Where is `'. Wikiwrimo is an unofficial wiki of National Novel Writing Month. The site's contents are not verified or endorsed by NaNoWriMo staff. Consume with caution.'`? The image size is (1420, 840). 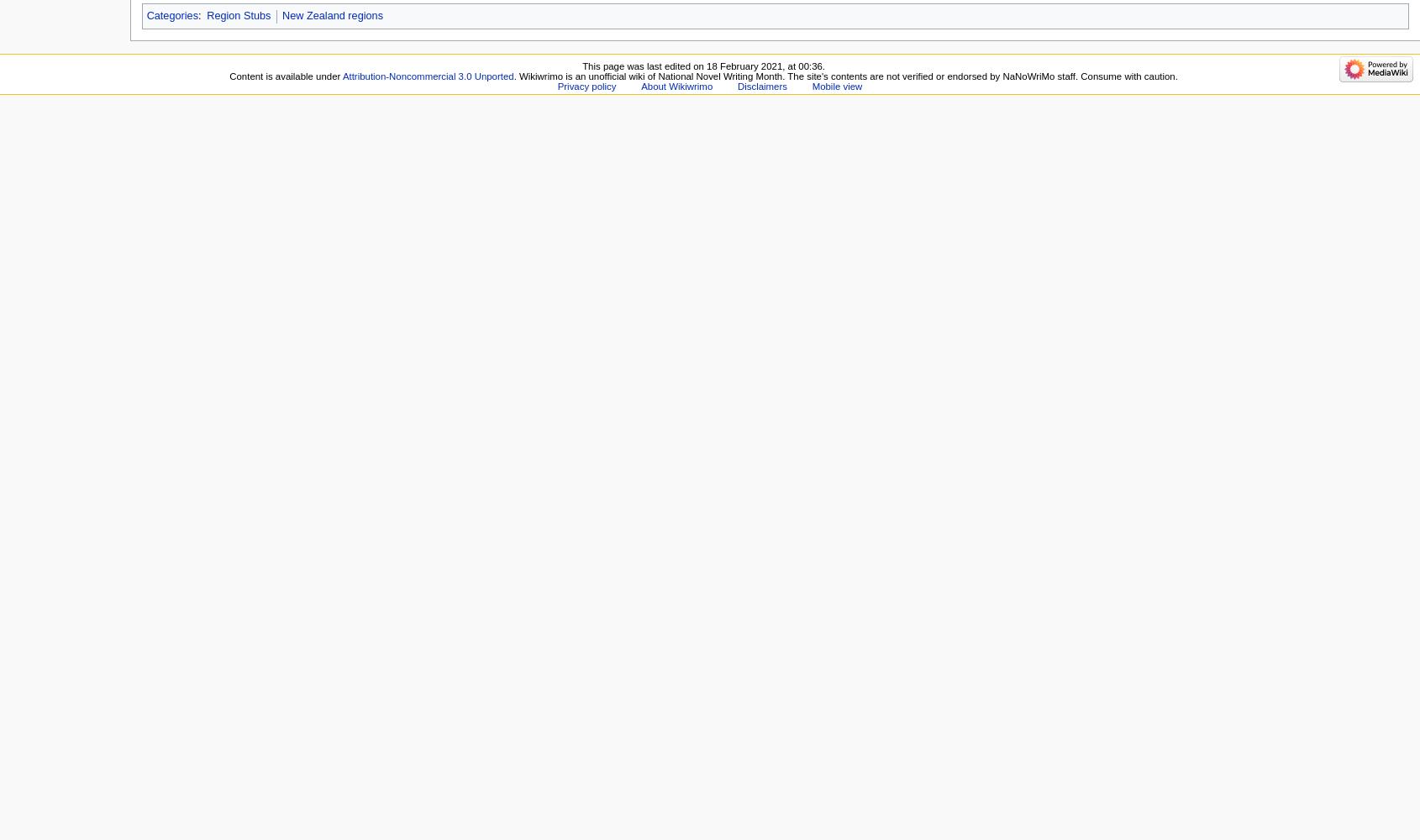 '. Wikiwrimo is an unofficial wiki of National Novel Writing Month. The site's contents are not verified or endorsed by NaNoWriMo staff. Consume with caution.' is located at coordinates (513, 75).